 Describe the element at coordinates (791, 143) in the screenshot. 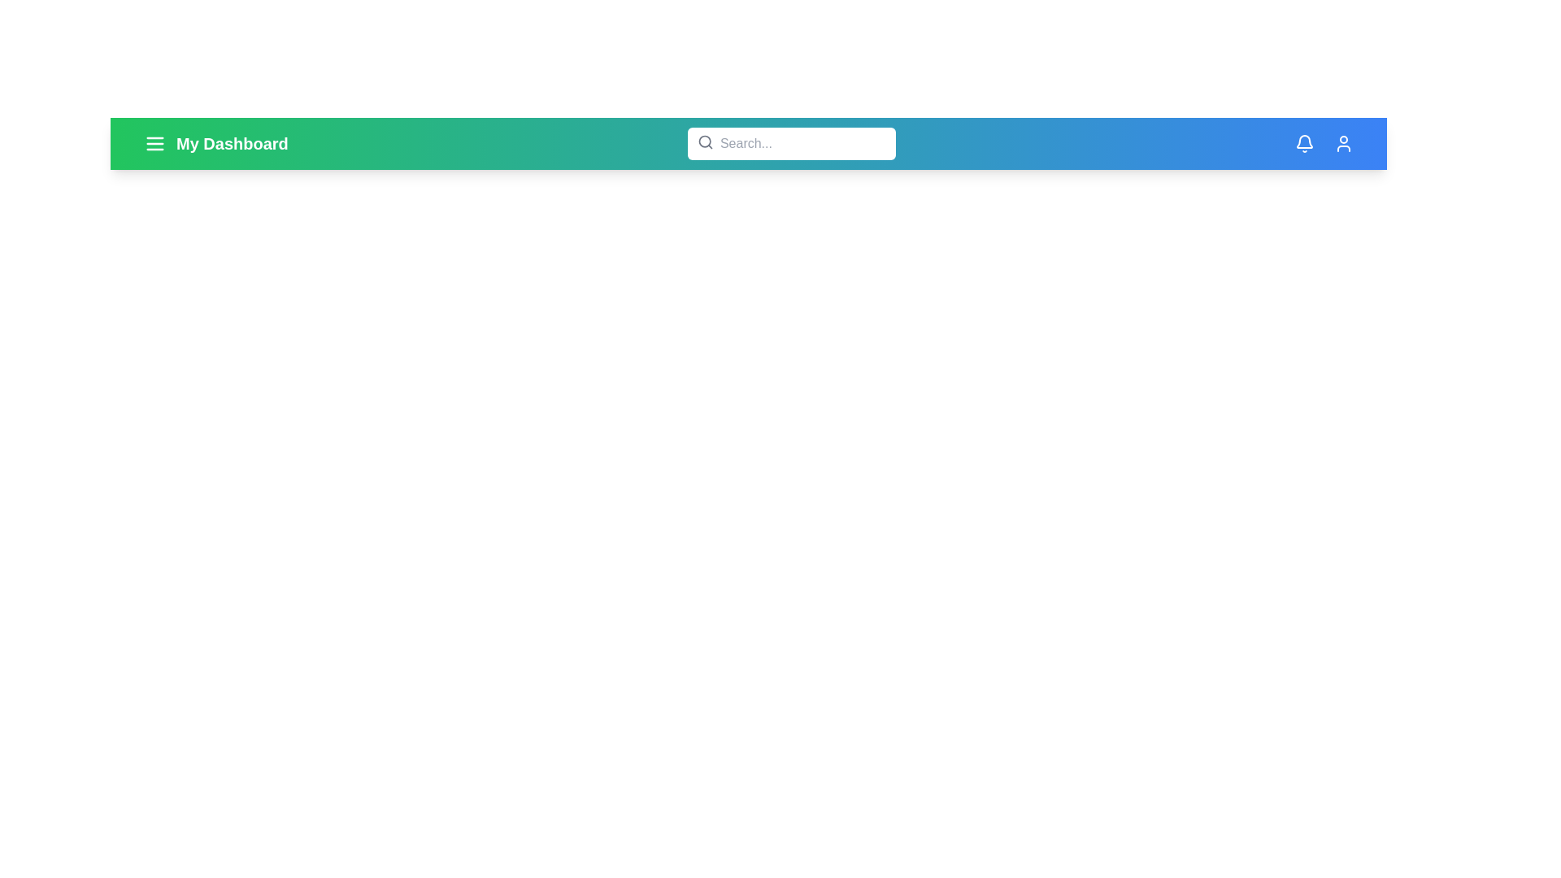

I see `the search bar and type the keyword 'example'` at that location.